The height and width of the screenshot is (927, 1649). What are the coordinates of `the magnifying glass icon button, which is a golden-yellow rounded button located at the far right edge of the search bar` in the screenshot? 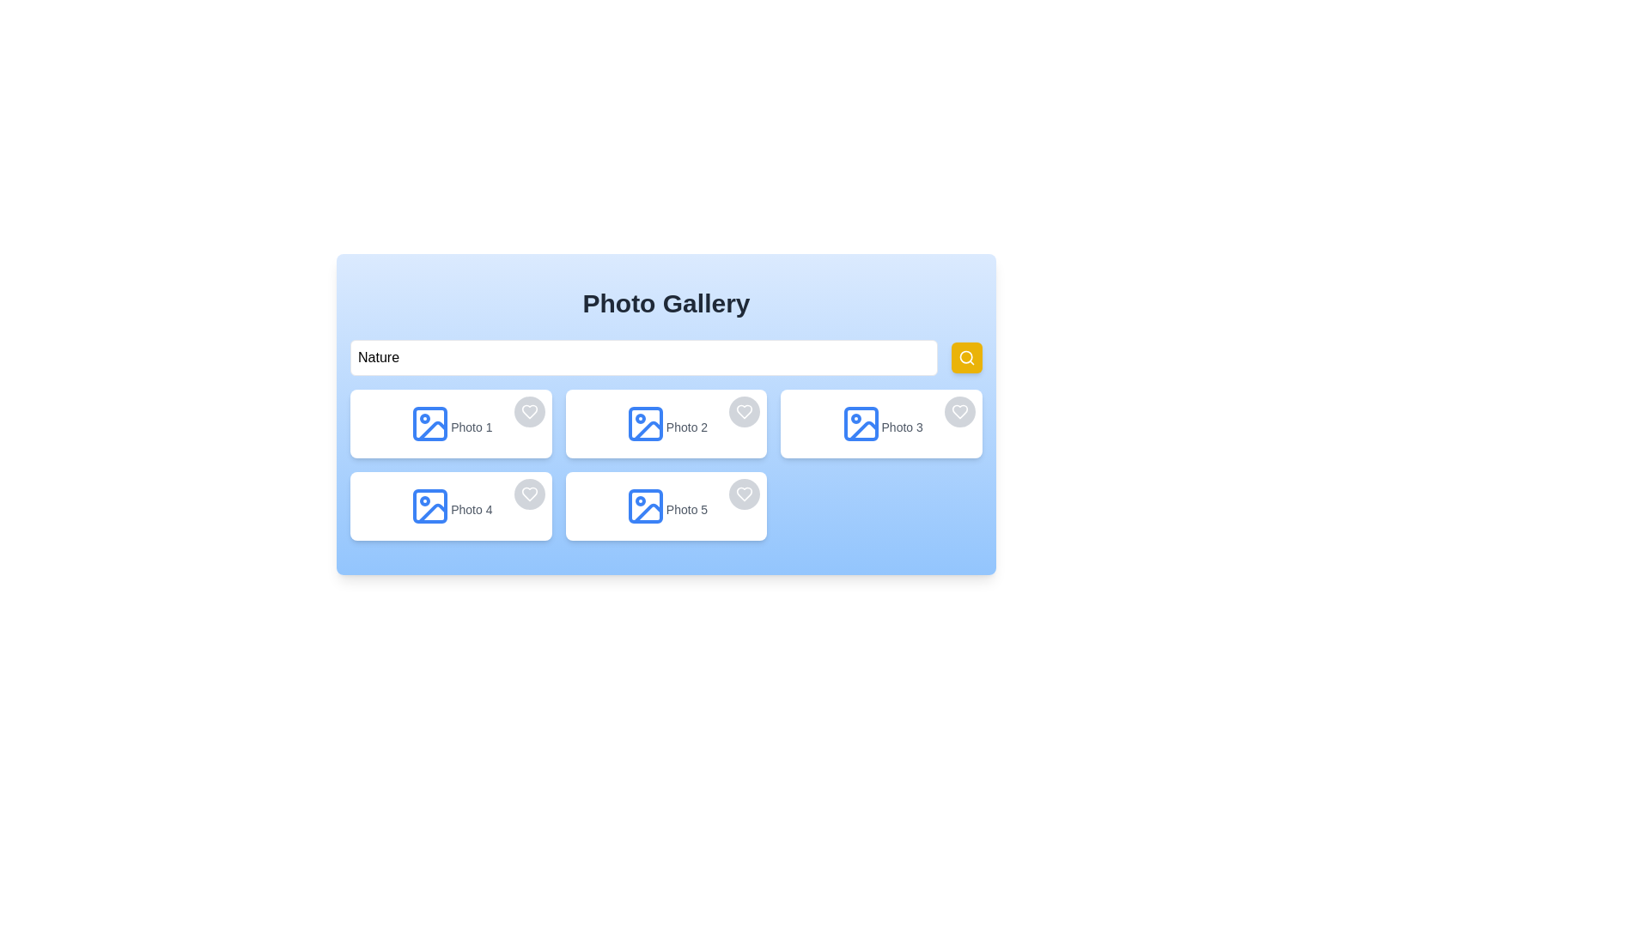 It's located at (967, 356).